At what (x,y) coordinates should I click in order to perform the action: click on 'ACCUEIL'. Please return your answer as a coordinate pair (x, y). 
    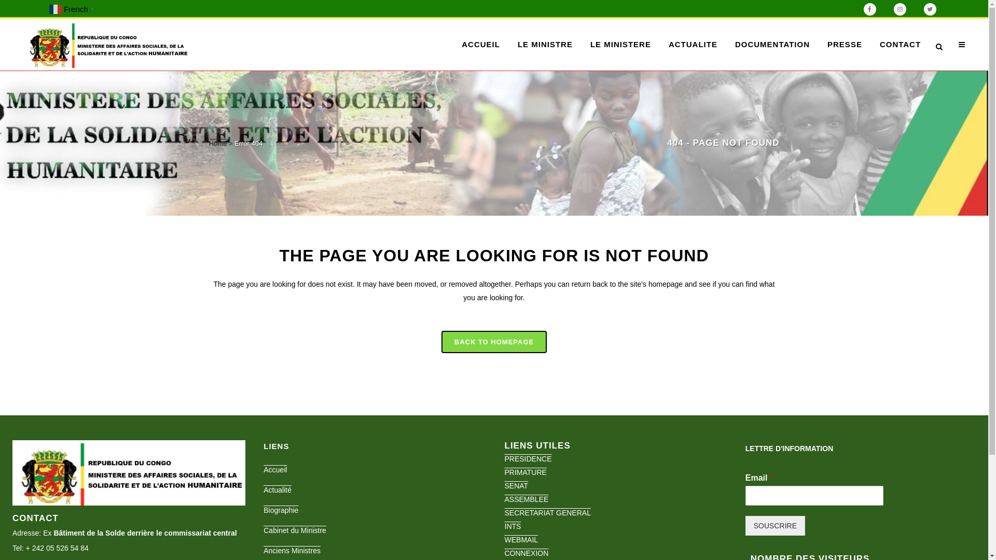
    Looking at the image, I should click on (480, 44).